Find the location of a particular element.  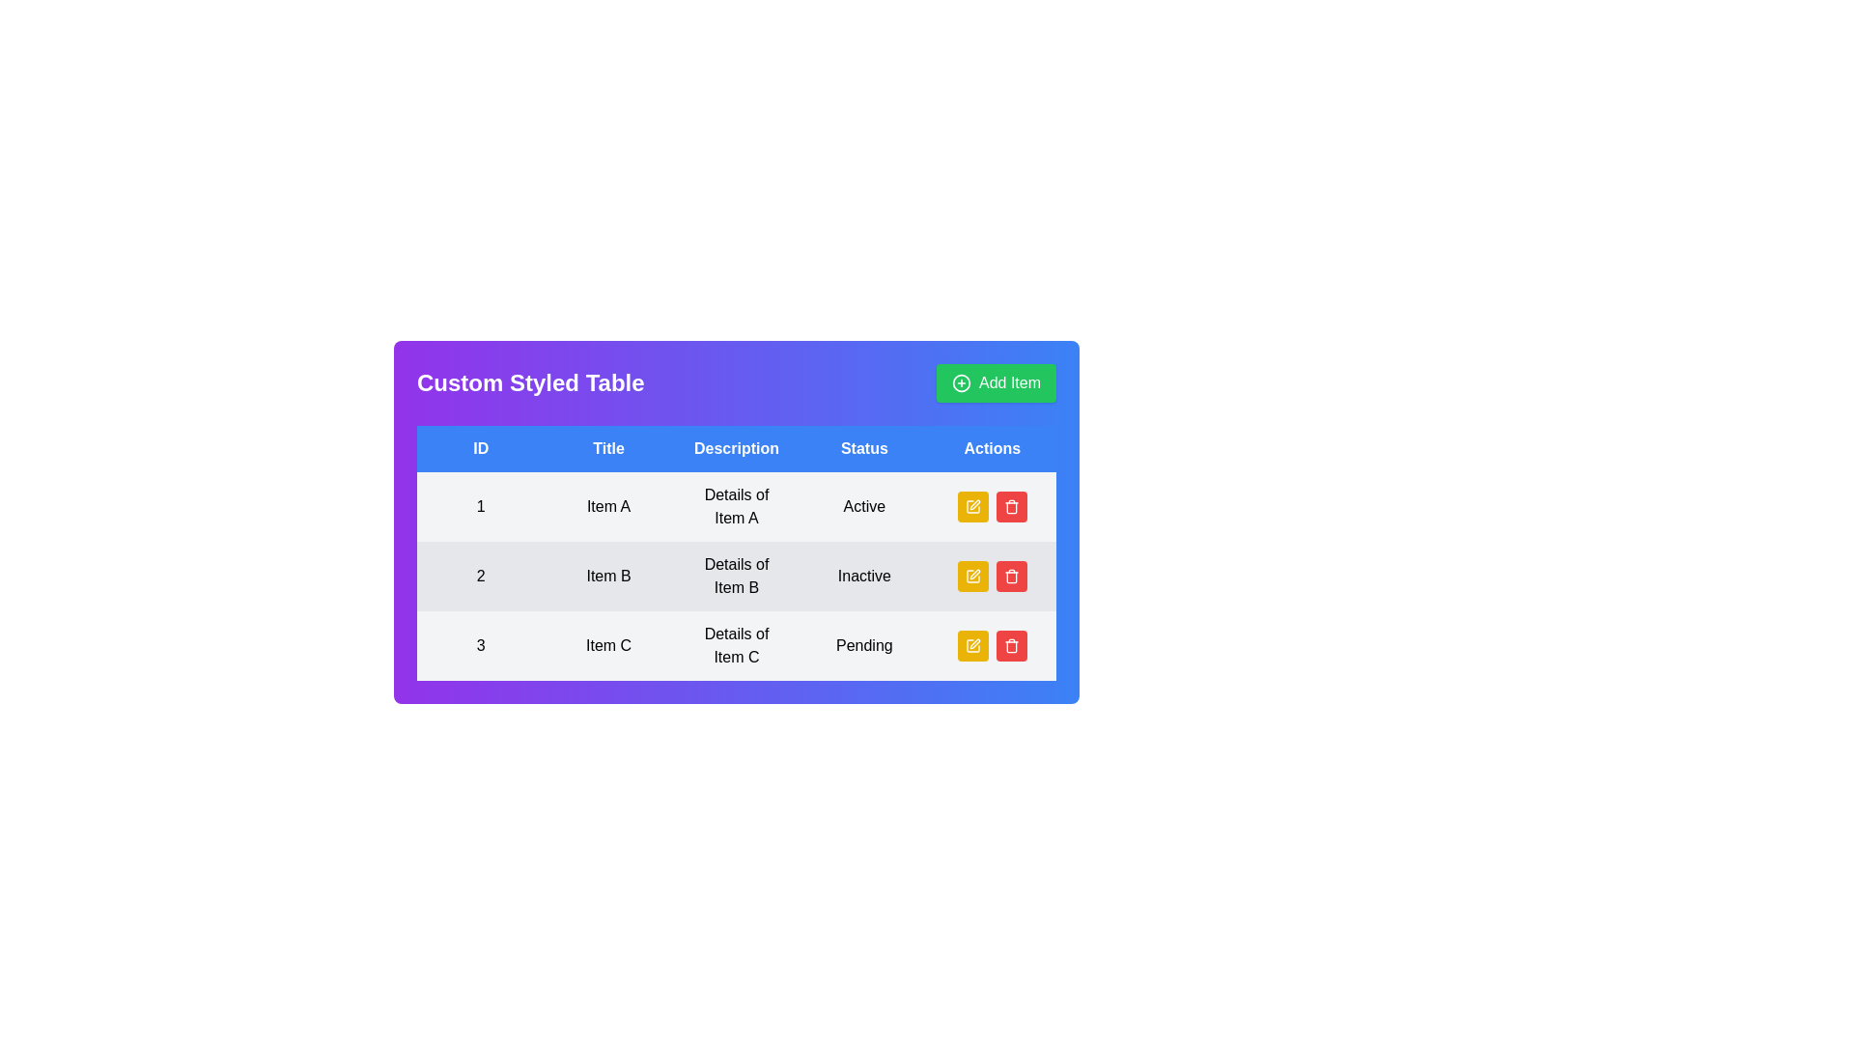

on the second row of the table, which contains '2' under the 'ID' column, 'Item B' under the 'Title' column, 'Details of Item B' under the 'Description' column, and 'Inactive' under the 'Status' column is located at coordinates (736, 576).